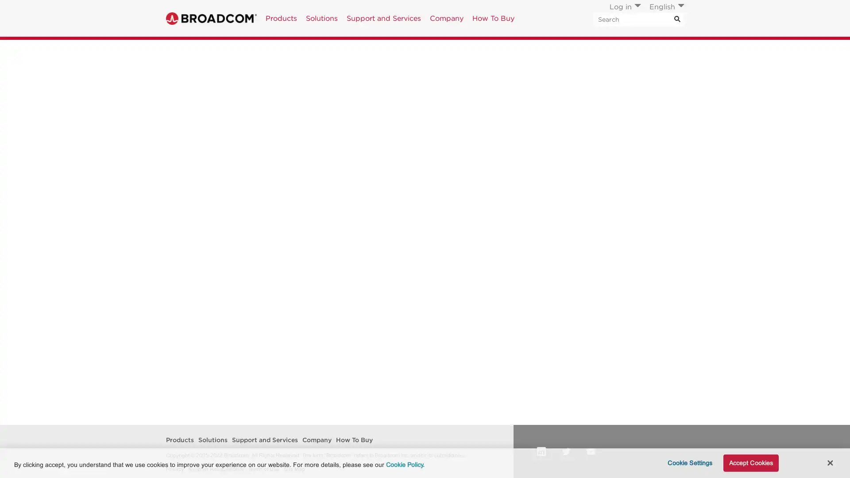 The image size is (850, 478). I want to click on How To Buy, so click(493, 18).